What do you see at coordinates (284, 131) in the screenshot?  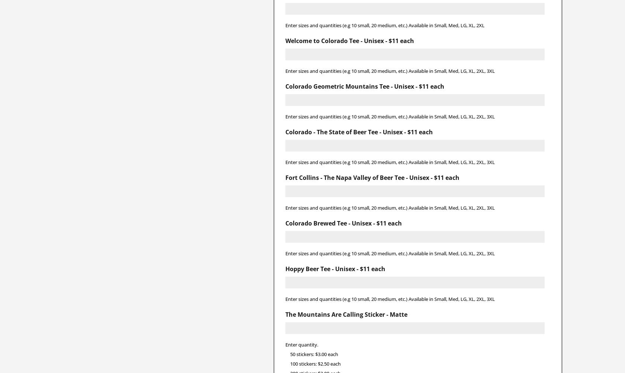 I see `'Colorado - The State of Beer Tee - Unisex - $11 each'` at bounding box center [284, 131].